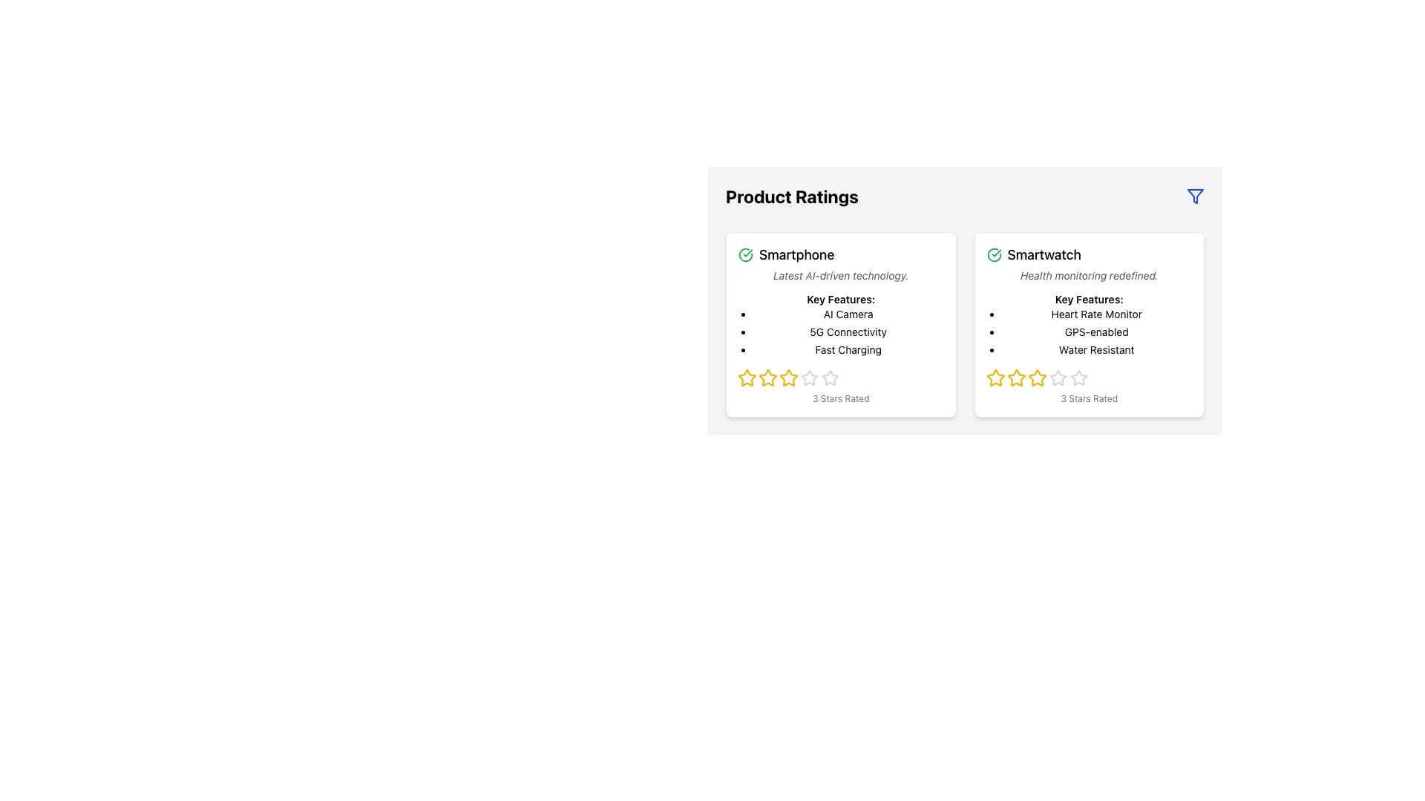 The height and width of the screenshot is (801, 1425). Describe the element at coordinates (848, 349) in the screenshot. I see `the 'Fast Charging' text label, which is the third item in the 'Key Features' list under the 'Smartphone' card on the left side of the grid layout` at that location.